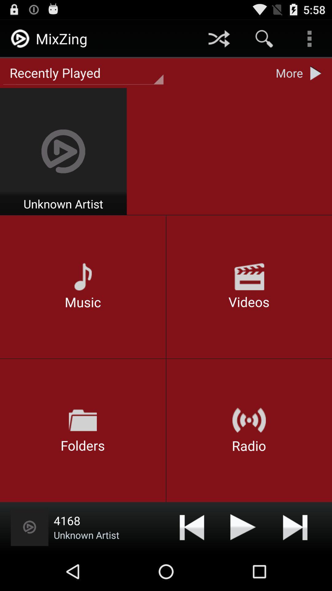 The image size is (332, 591). What do you see at coordinates (192, 527) in the screenshot?
I see `the forward` at bounding box center [192, 527].